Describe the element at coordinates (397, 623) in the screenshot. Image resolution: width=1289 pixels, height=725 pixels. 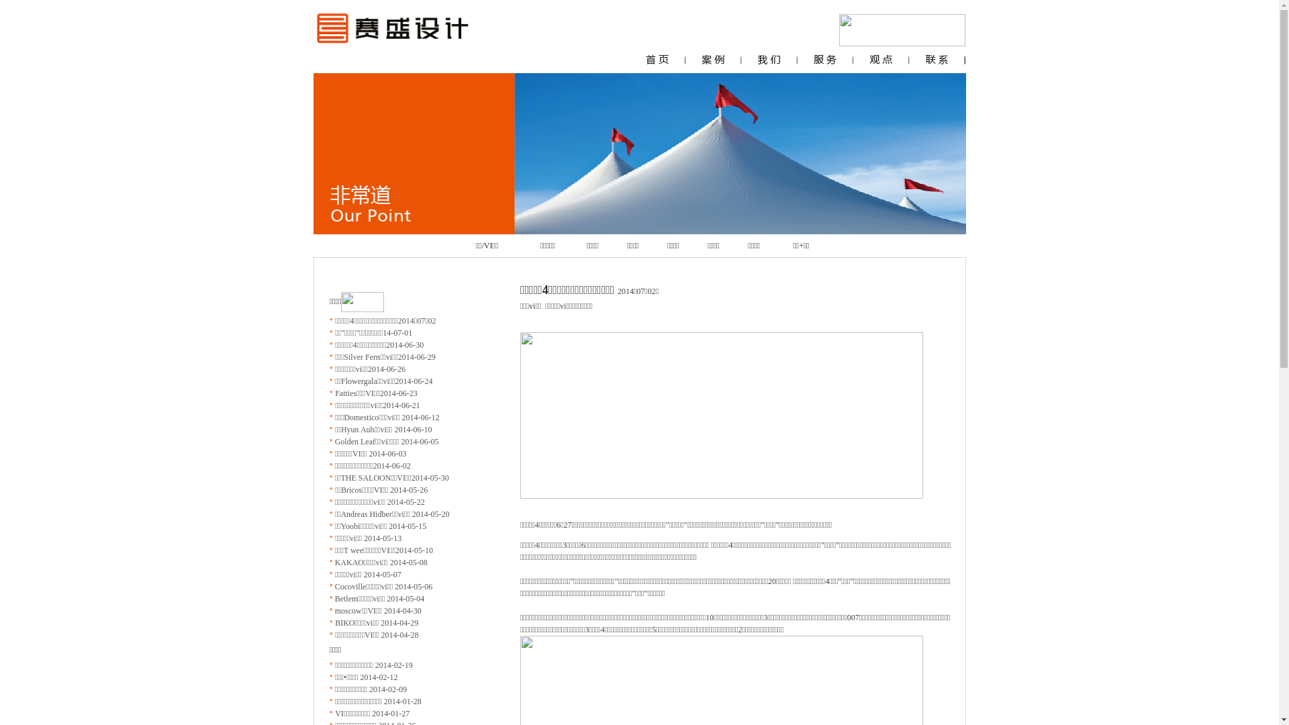
I see `'2014-04-29'` at that location.